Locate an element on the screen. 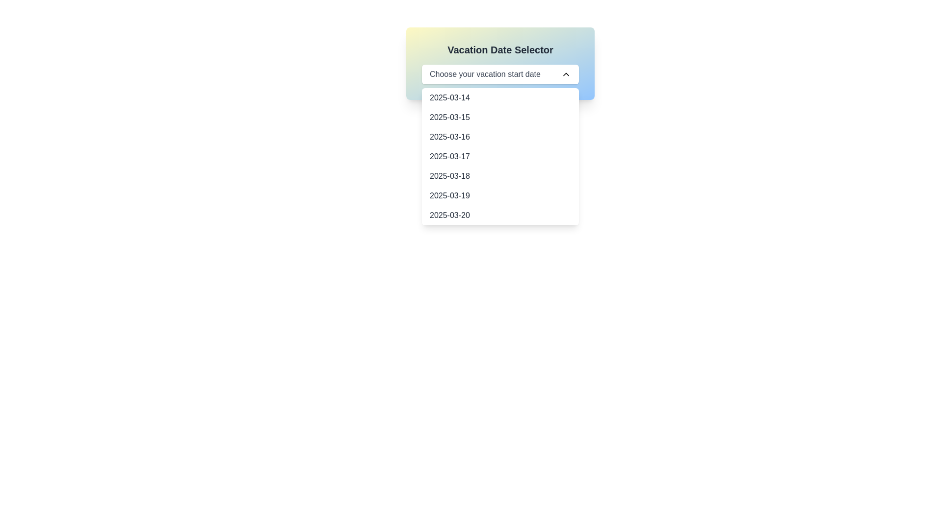 The image size is (942, 529). the text label guiding the user to choose a start date for their vacation to change its styling is located at coordinates (485, 73).